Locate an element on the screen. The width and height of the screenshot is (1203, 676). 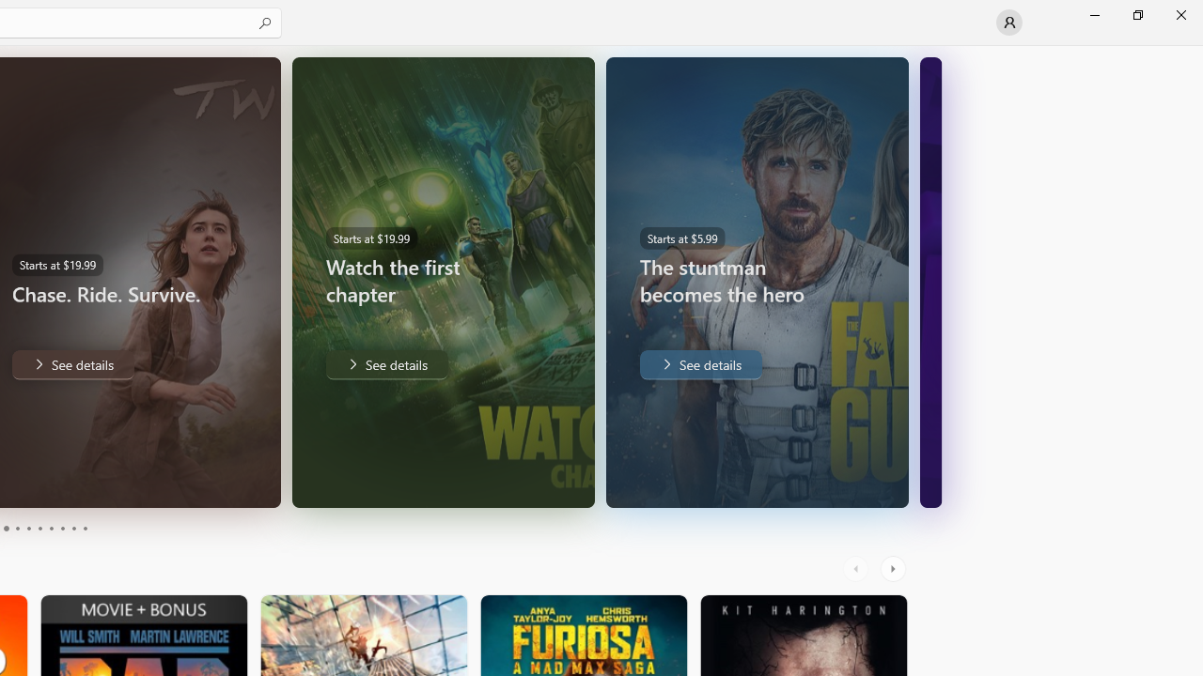
'Close Microsoft Store' is located at coordinates (1180, 14).